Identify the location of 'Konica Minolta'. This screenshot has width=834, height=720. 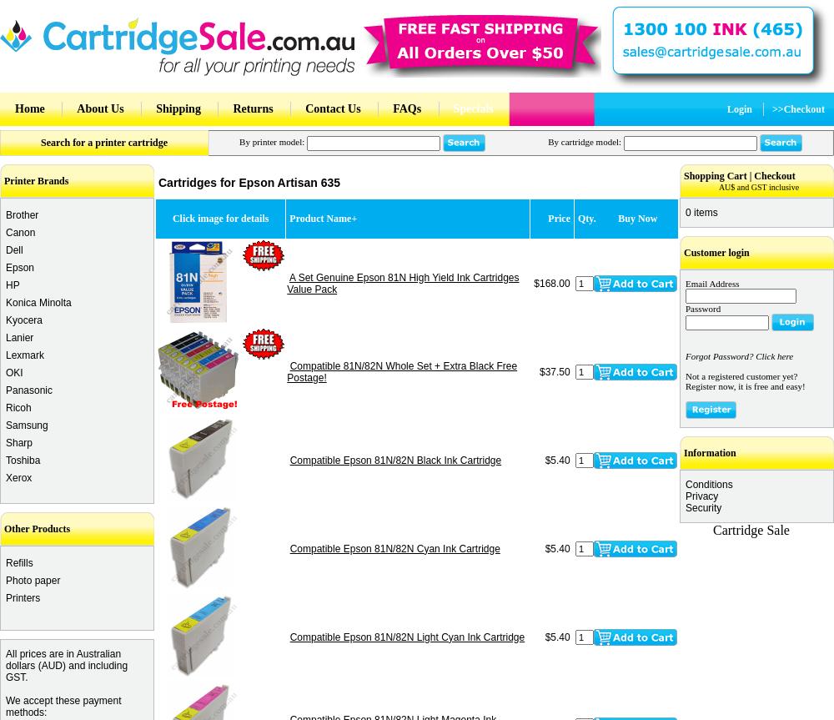
(38, 302).